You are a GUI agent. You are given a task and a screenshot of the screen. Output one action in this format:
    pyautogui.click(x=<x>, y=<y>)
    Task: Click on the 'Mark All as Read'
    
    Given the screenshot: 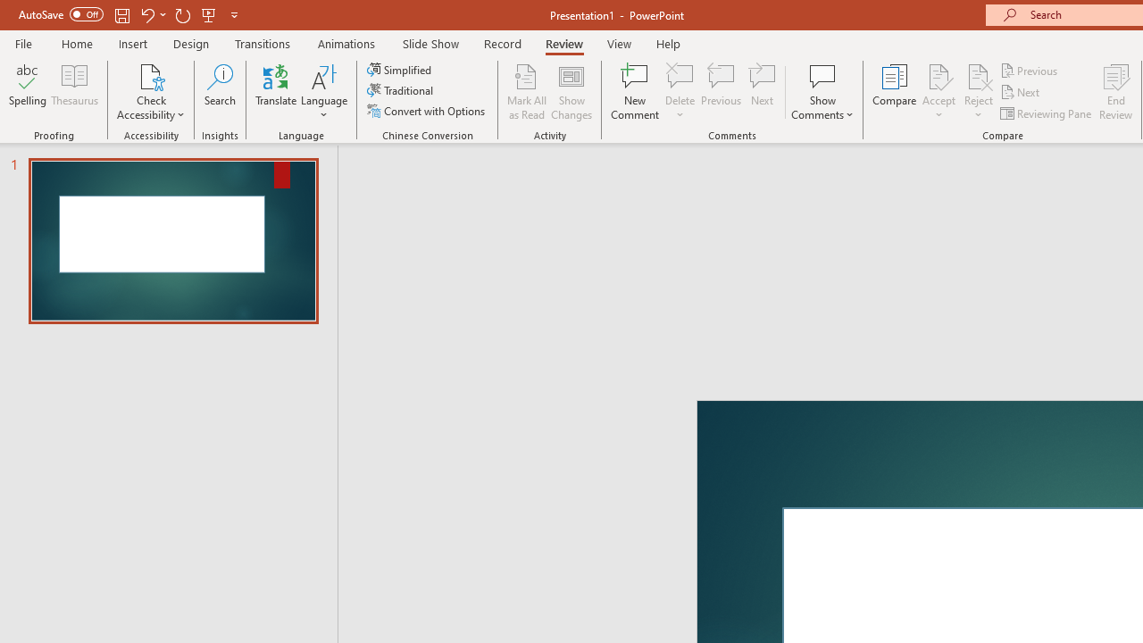 What is the action you would take?
    pyautogui.click(x=526, y=92)
    